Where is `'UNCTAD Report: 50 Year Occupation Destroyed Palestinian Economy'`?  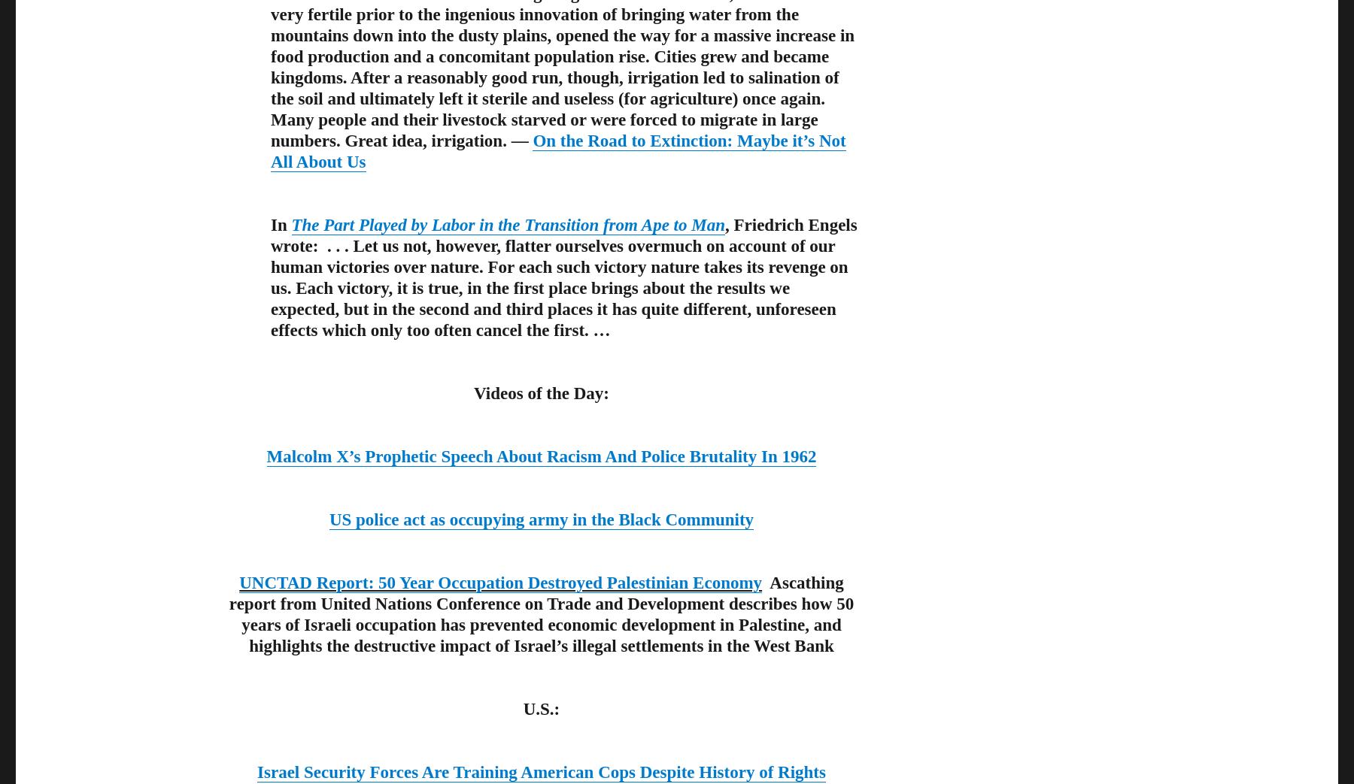 'UNCTAD Report: 50 Year Occupation Destroyed Palestinian Economy' is located at coordinates (238, 582).